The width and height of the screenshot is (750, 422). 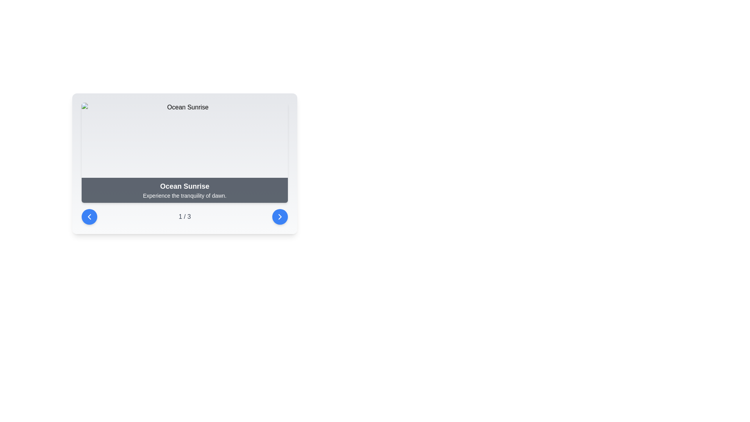 I want to click on the 'Ocean Sunrise' Text Label, which is the first text element in the darkened bar at the bottom of the white card, so click(x=184, y=186).